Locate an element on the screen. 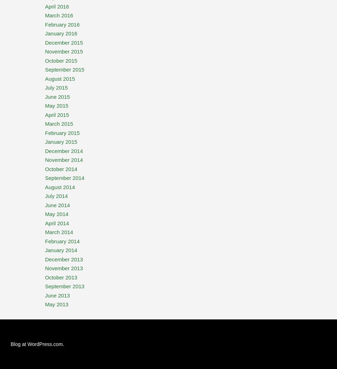  'November 2013' is located at coordinates (64, 268).